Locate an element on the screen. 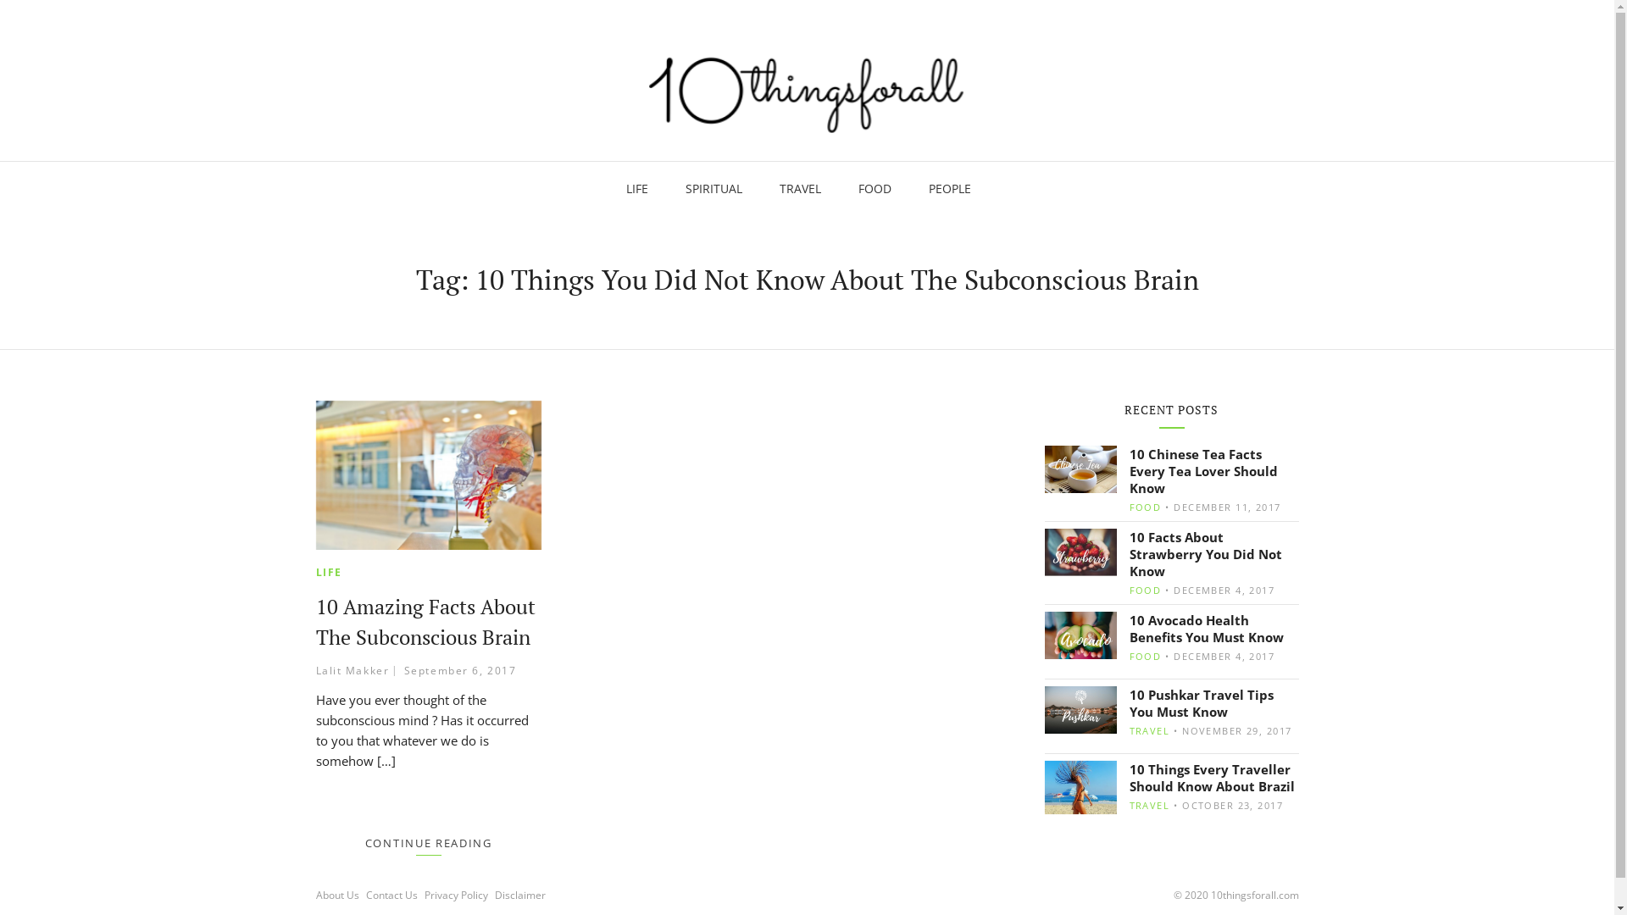  'About Us' is located at coordinates (315, 894).